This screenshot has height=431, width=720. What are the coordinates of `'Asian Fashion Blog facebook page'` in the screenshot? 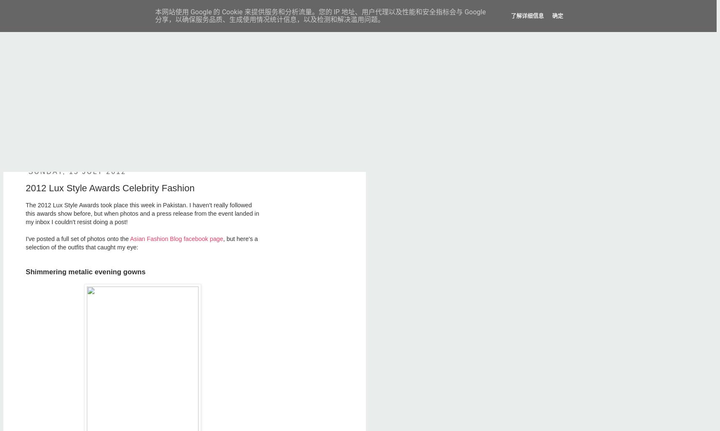 It's located at (176, 239).